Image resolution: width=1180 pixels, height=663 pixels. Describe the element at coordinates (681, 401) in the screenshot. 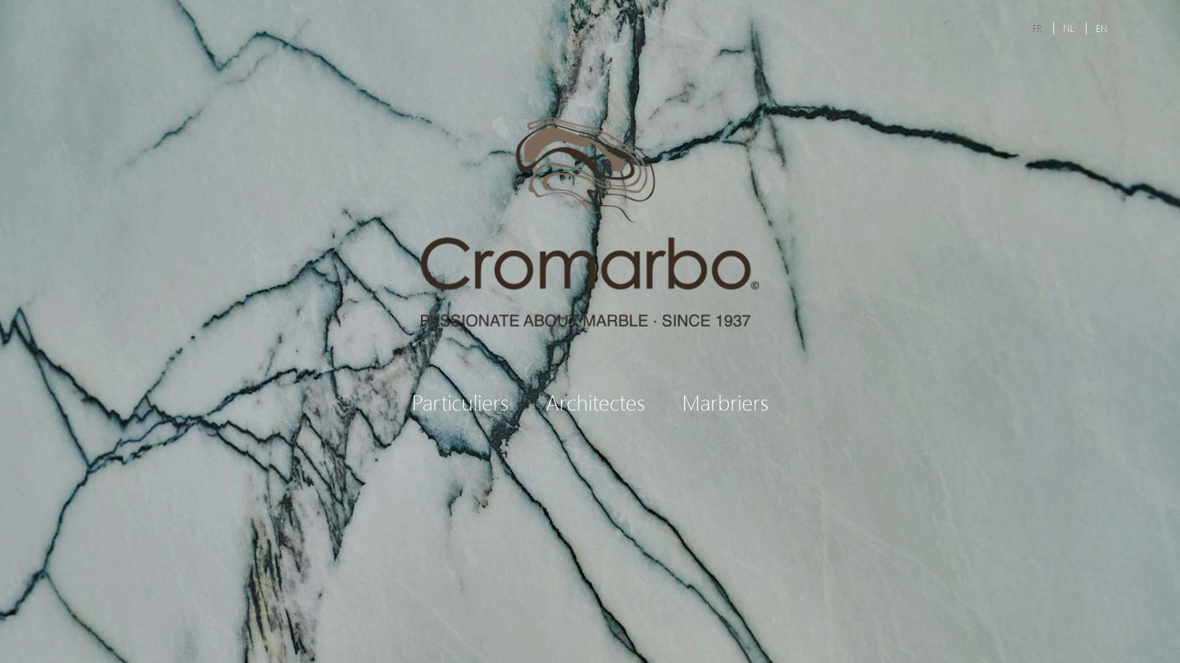

I see `'Marbriers'` at that location.